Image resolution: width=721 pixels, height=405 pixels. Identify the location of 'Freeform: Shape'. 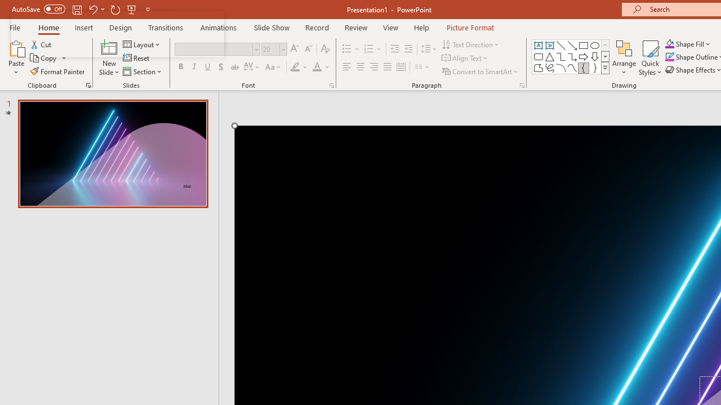
(538, 67).